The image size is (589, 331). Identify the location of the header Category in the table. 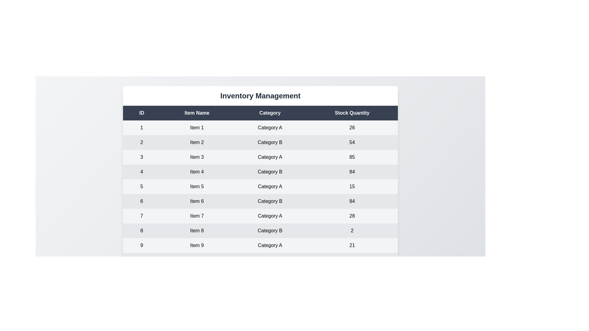
(270, 113).